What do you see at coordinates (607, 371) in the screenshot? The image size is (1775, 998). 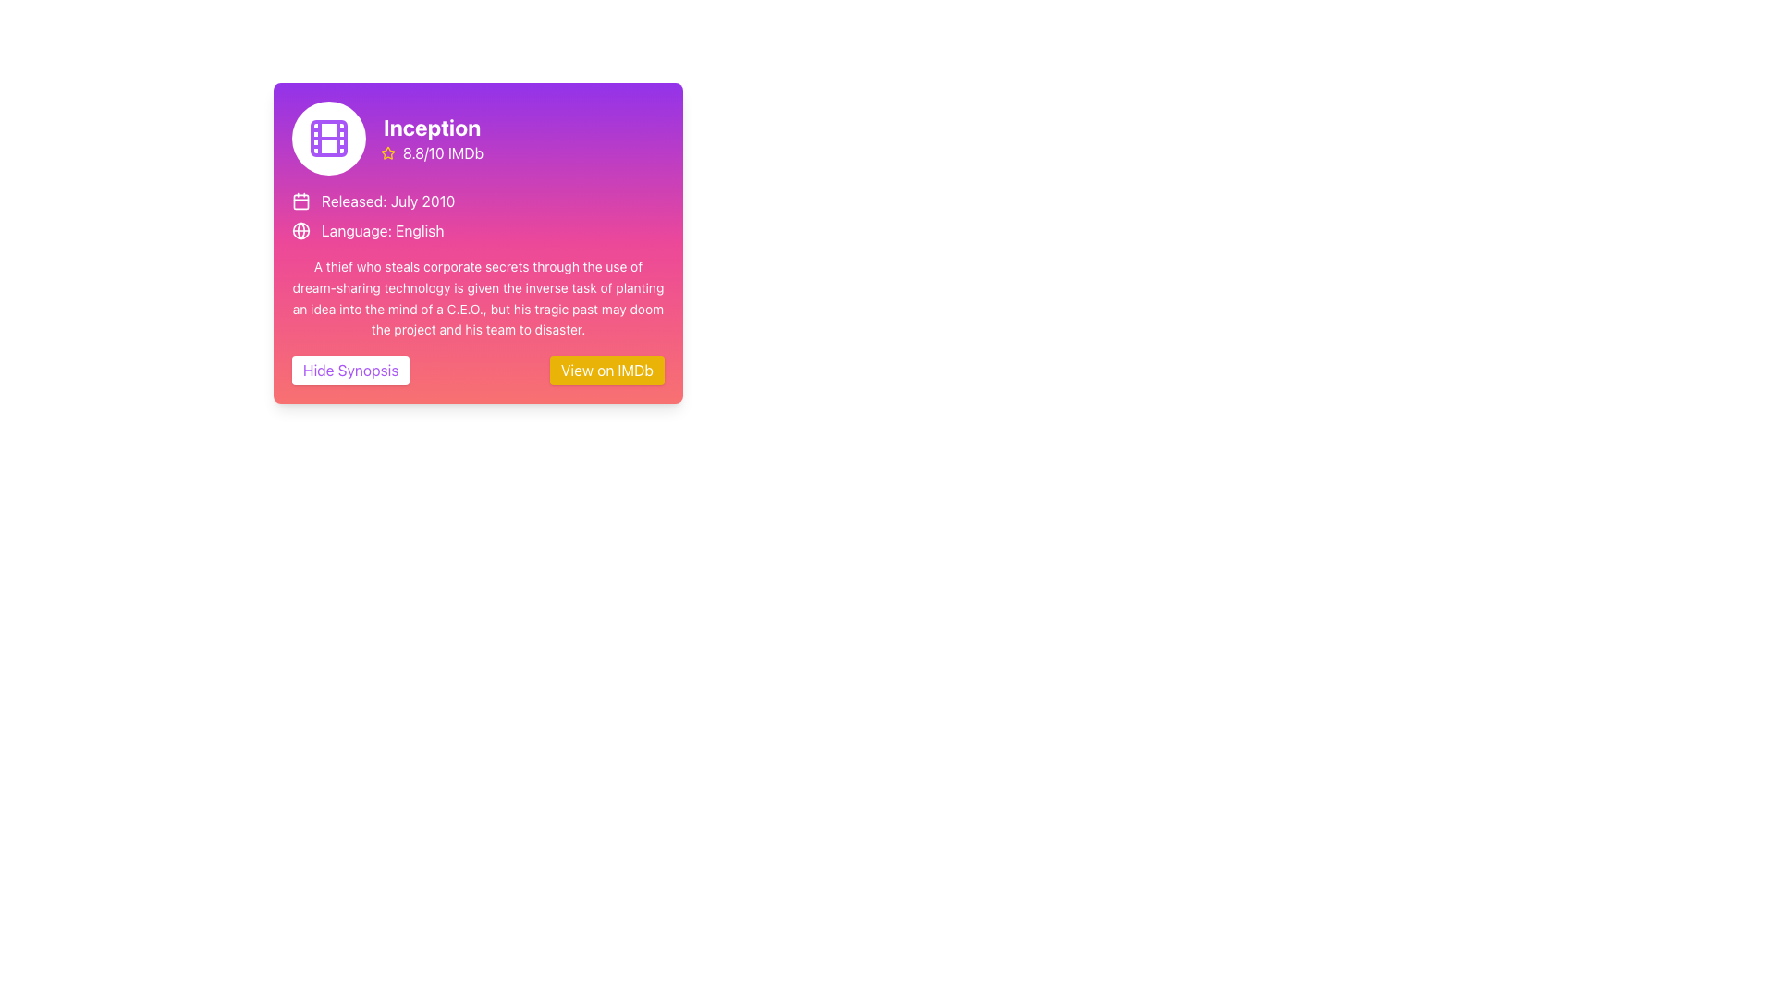 I see `the 'View on IMDb' hyperlink button, which is a rectangular button with a yellow background, located to the right of the 'Hide Synopsis' button at the bottom of a card-style UI` at bounding box center [607, 371].